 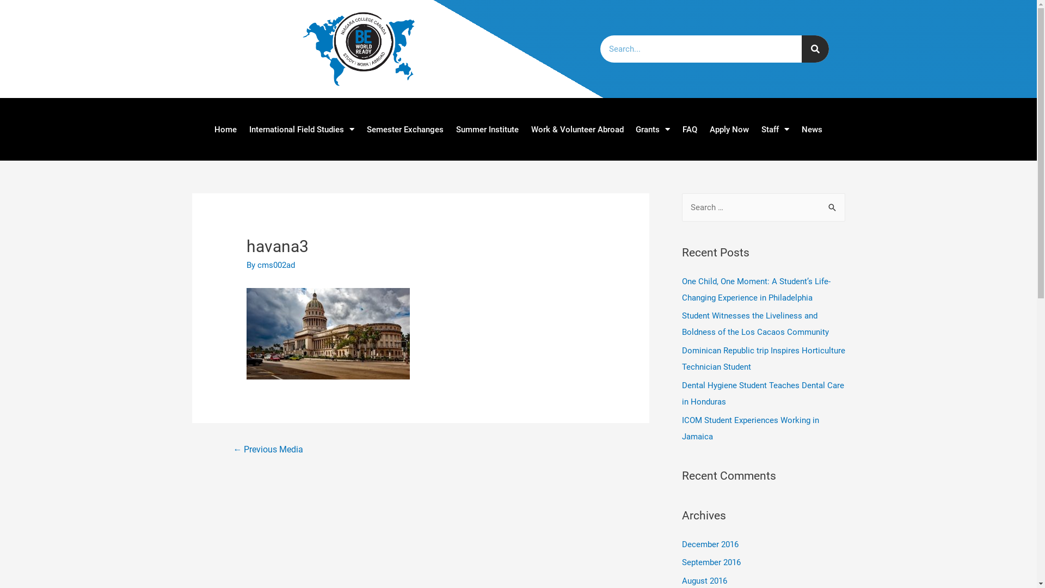 What do you see at coordinates (242, 128) in the screenshot?
I see `'International Field Studies'` at bounding box center [242, 128].